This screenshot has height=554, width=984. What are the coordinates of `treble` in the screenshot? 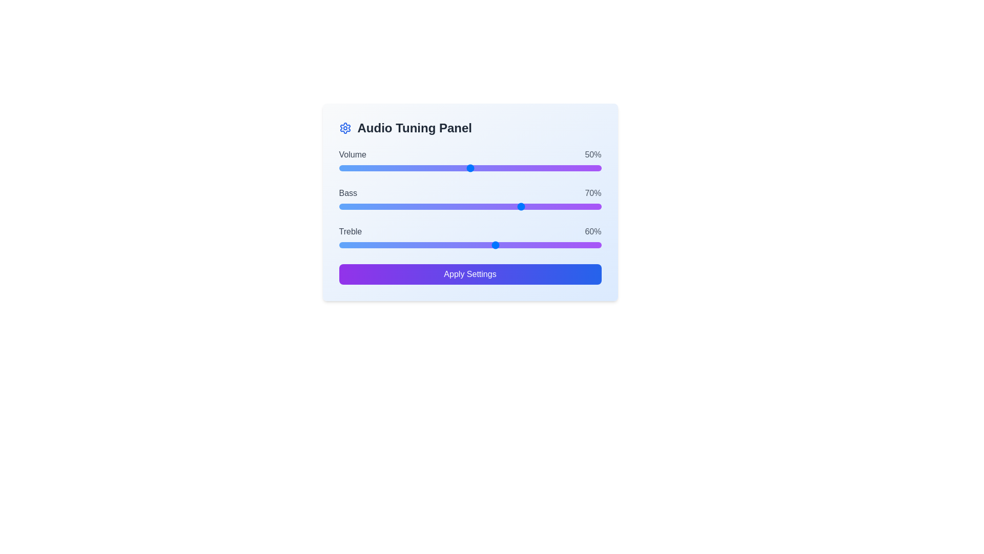 It's located at (525, 245).